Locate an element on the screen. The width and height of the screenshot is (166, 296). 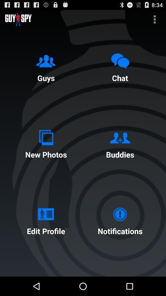
the edit profile item is located at coordinates (45, 220).